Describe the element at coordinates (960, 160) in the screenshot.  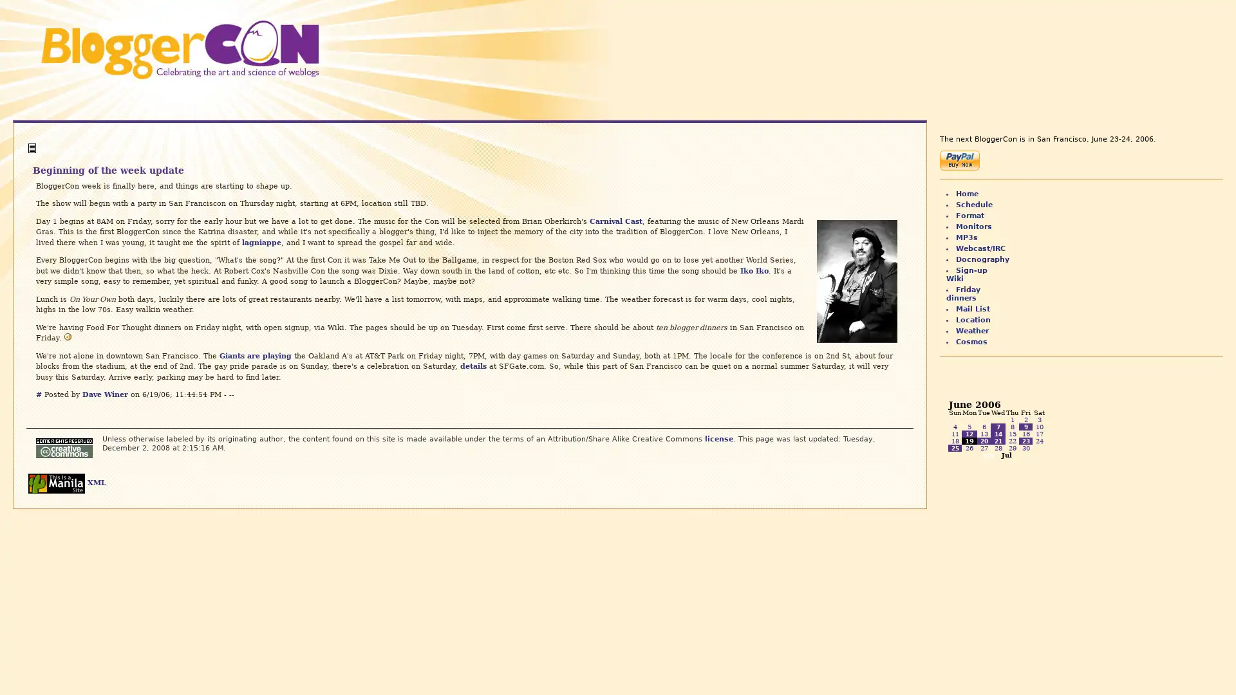
I see `Make payments with PayPal - it's fast, free and secure!` at that location.